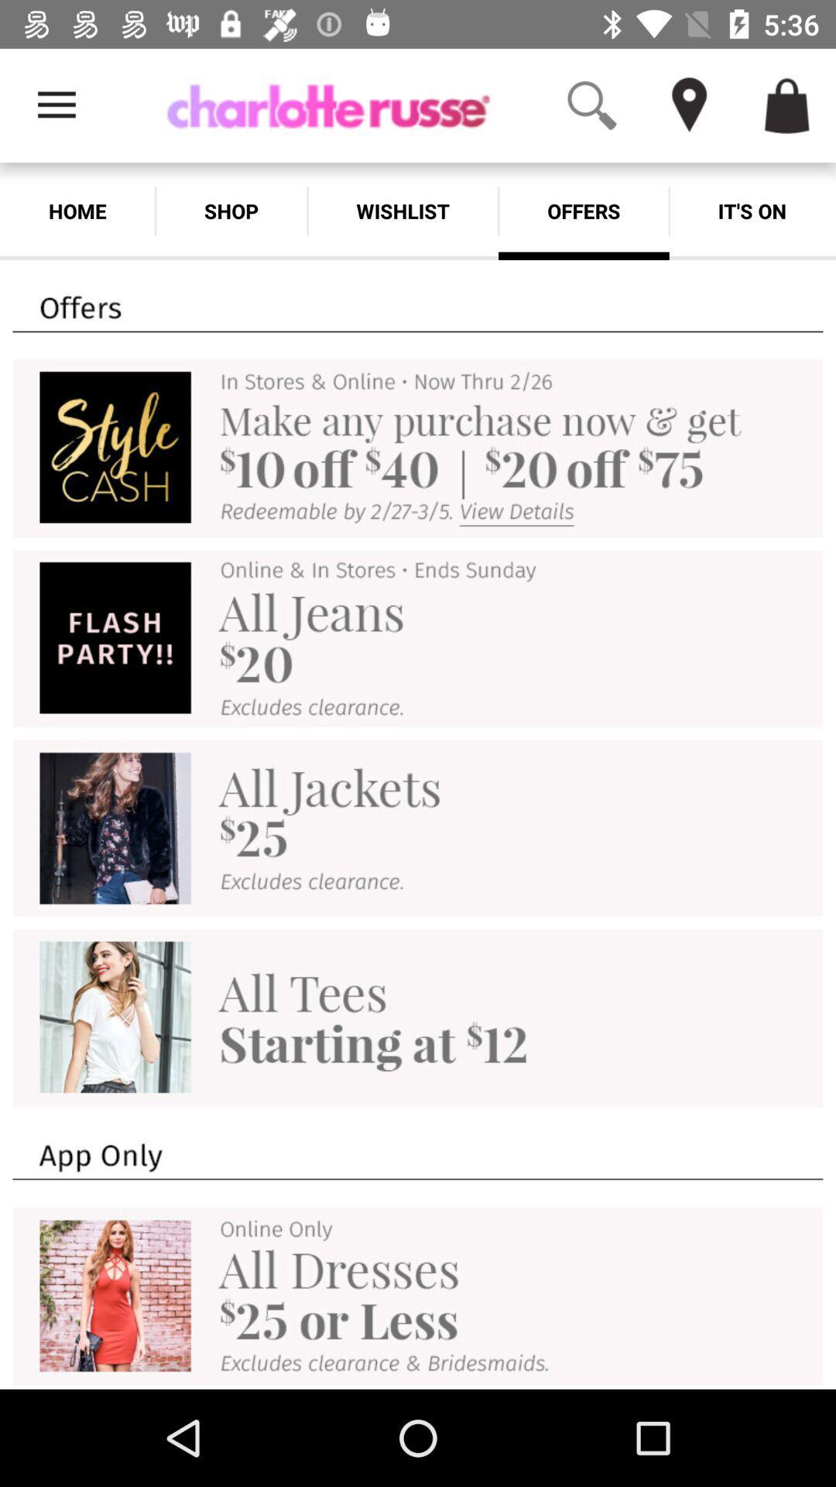 Image resolution: width=836 pixels, height=1487 pixels. Describe the element at coordinates (231, 211) in the screenshot. I see `the app to the right of the home item` at that location.